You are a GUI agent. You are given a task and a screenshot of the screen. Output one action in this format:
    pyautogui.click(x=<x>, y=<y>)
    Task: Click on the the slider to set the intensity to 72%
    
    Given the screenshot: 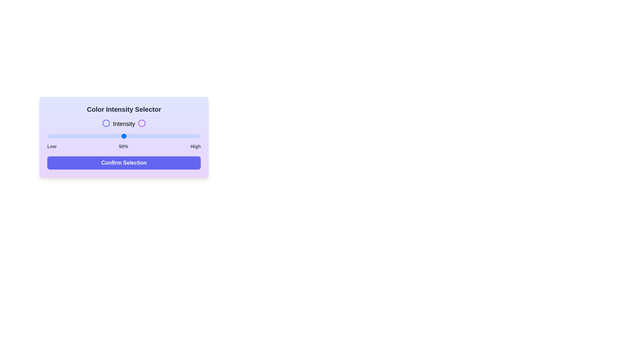 What is the action you would take?
    pyautogui.click(x=157, y=136)
    